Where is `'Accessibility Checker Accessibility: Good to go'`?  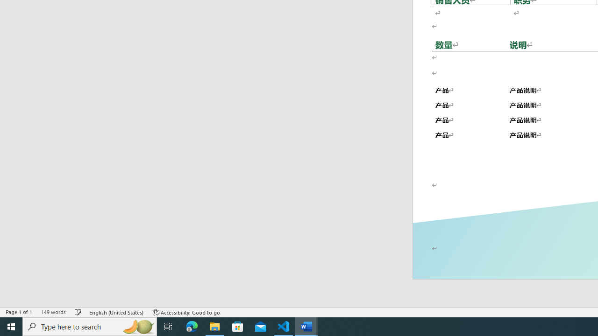 'Accessibility Checker Accessibility: Good to go' is located at coordinates (186, 312).